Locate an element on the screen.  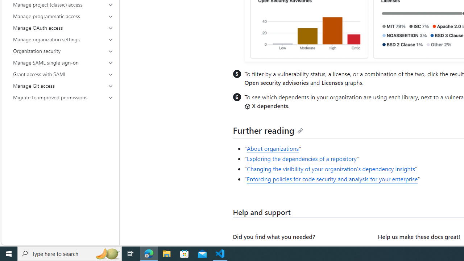
'Exploring the dependencies of a repository' is located at coordinates (302, 158).